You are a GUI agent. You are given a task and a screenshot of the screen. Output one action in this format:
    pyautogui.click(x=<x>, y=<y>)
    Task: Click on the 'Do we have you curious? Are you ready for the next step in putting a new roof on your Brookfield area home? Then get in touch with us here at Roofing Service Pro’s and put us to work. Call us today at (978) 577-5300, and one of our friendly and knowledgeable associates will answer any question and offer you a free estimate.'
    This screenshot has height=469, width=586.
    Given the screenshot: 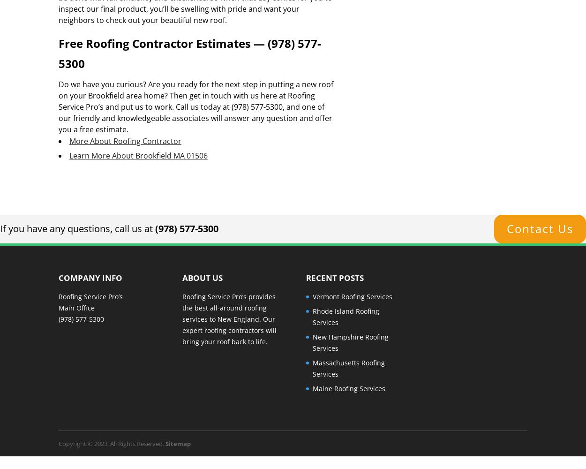 What is the action you would take?
    pyautogui.click(x=195, y=106)
    